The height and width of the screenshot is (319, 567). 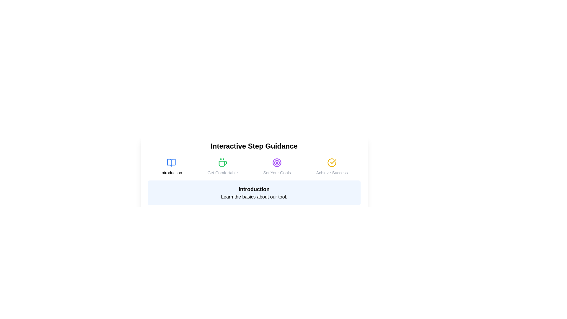 I want to click on the second clickable navigation icon, which is linked to the 'Get Comfortable' section, so click(x=222, y=167).